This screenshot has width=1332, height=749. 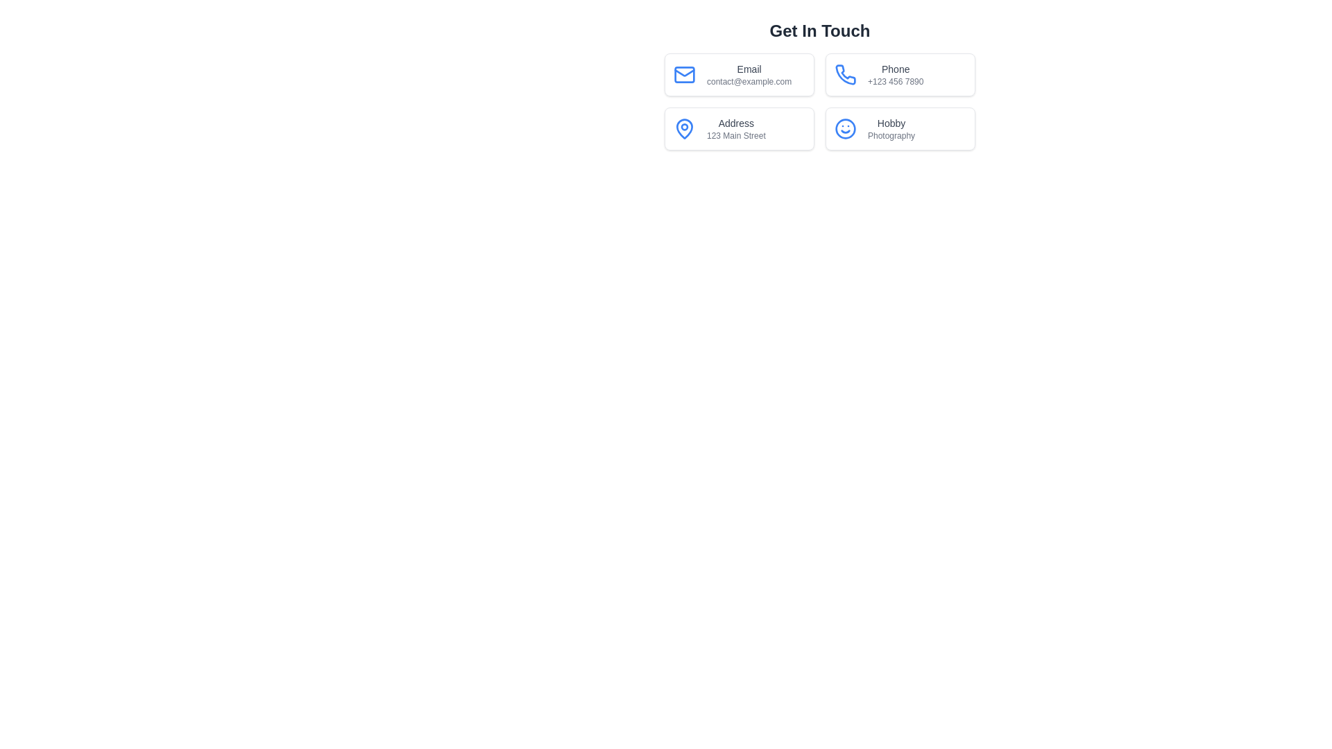 What do you see at coordinates (735, 122) in the screenshot?
I see `the 'Address' text label located in the second row, first column of the contact information grid` at bounding box center [735, 122].